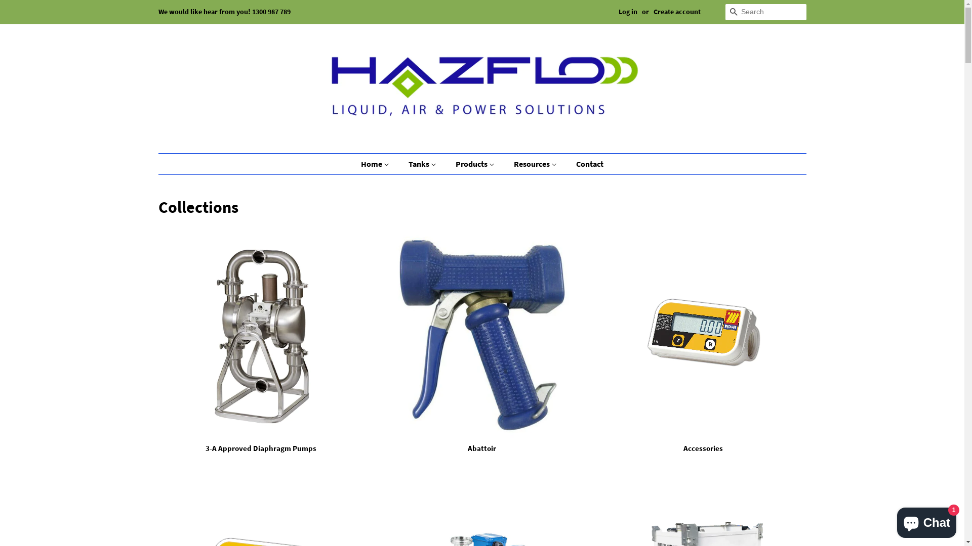  What do you see at coordinates (423, 163) in the screenshot?
I see `'Tanks'` at bounding box center [423, 163].